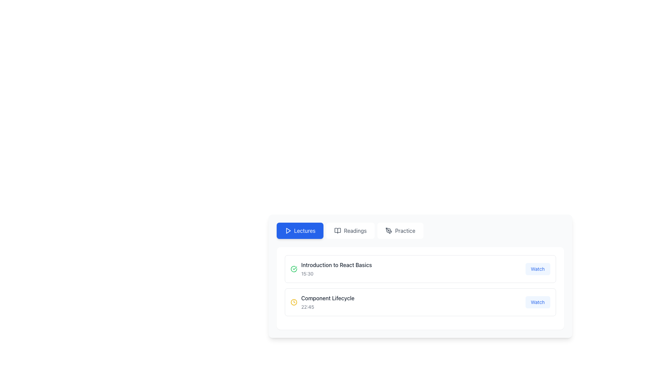  Describe the element at coordinates (331, 269) in the screenshot. I see `the informational module entry for 'Introduction to React Basics' which contains a checkbox and two text lines, the first being the title and the second showing the duration` at that location.